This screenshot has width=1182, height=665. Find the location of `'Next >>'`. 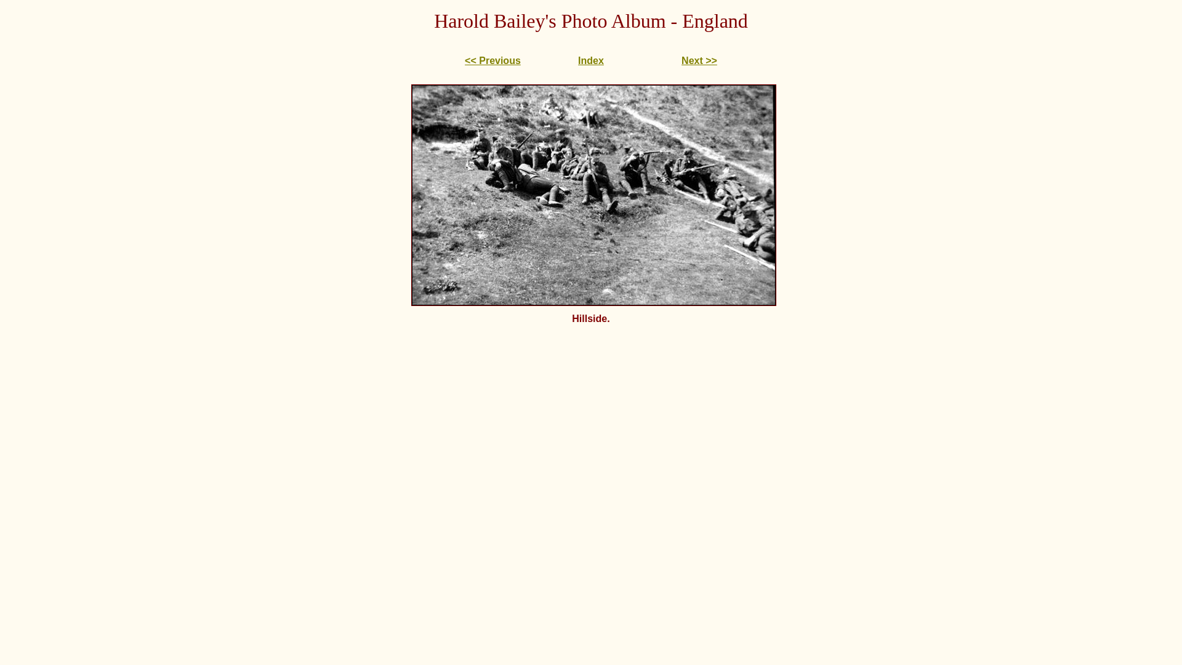

'Next >>' is located at coordinates (681, 60).